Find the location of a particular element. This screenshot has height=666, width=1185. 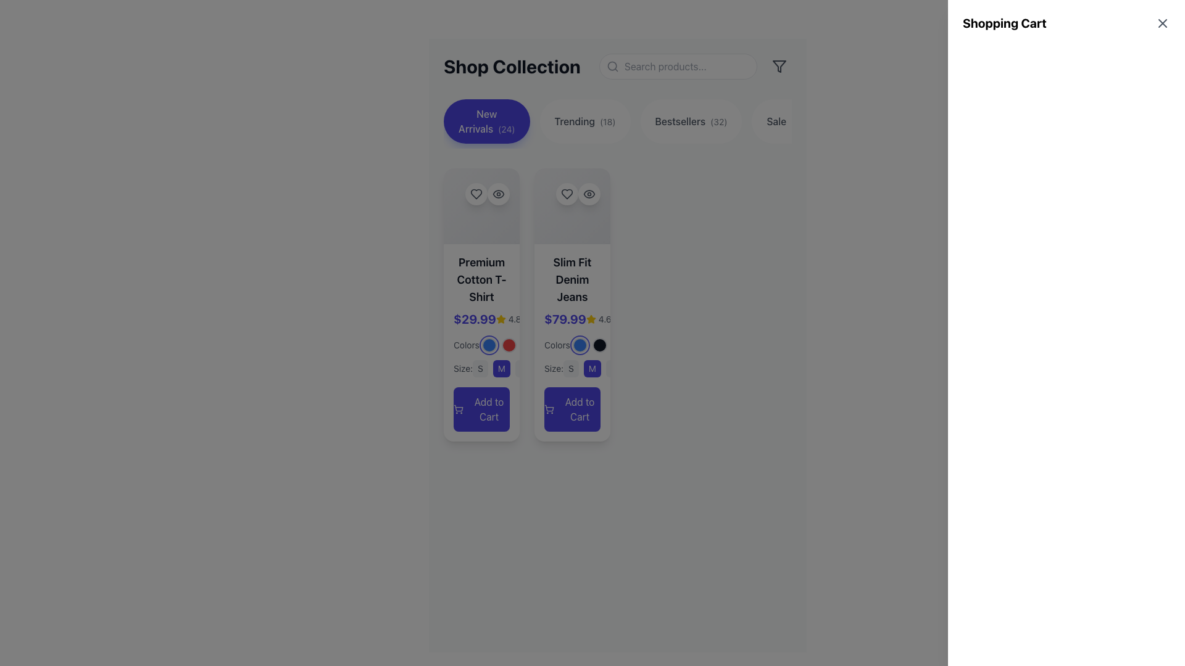

the yellow star icon next to the price '$29.99' is located at coordinates (481, 318).